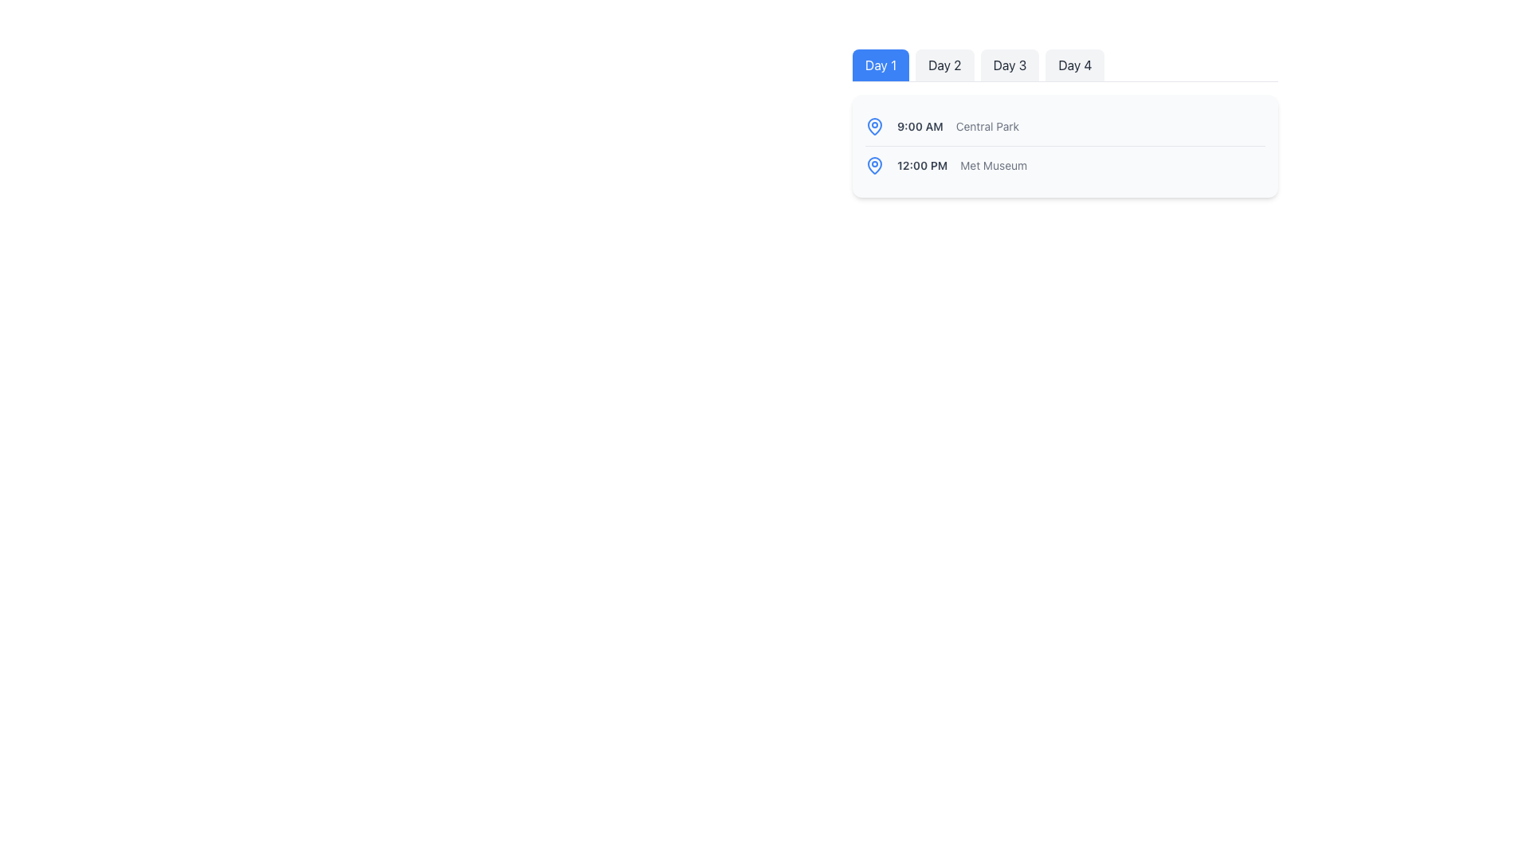 Image resolution: width=1530 pixels, height=861 pixels. I want to click on the Text Label element displaying 'Met Museum', which is styled in a small gray font and located adjacent to '12:00 PM', so click(993, 166).